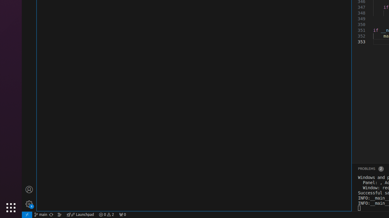 The width and height of the screenshot is (389, 218). What do you see at coordinates (26, 214) in the screenshot?
I see `'remote'` at bounding box center [26, 214].